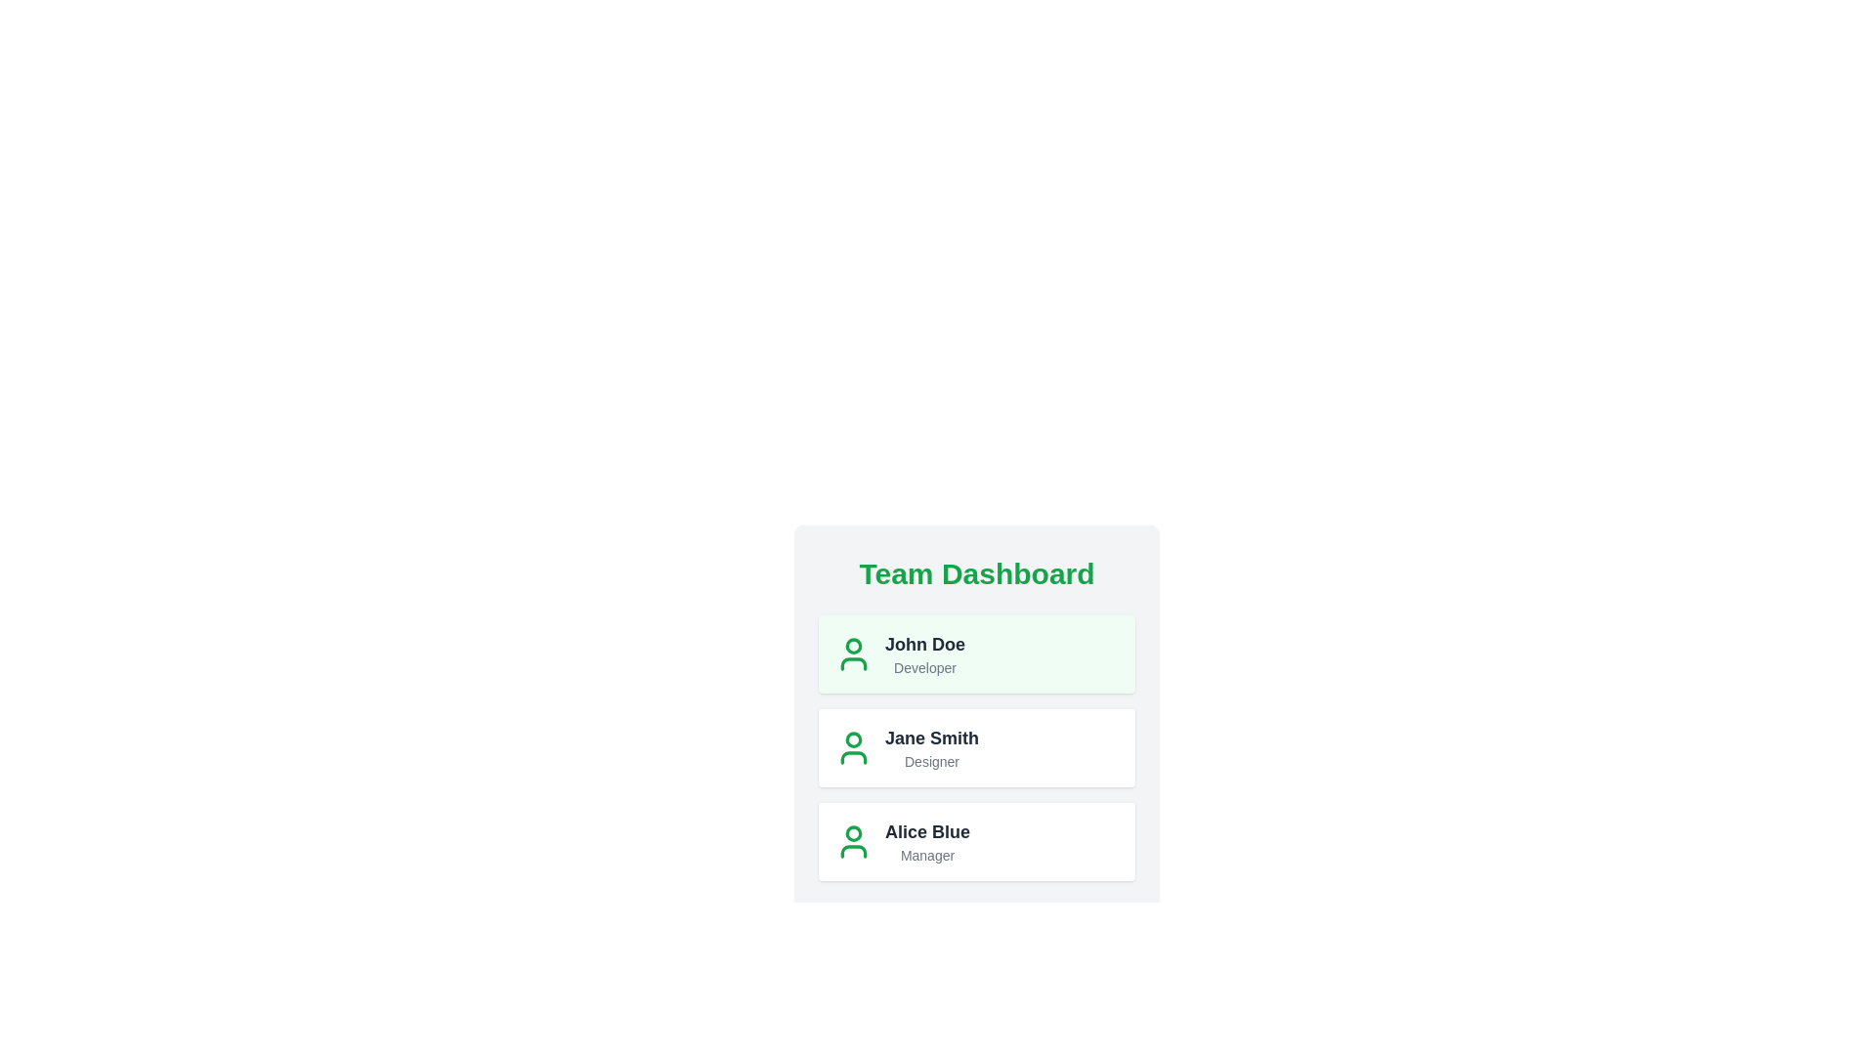 The height and width of the screenshot is (1055, 1876). What do you see at coordinates (931, 747) in the screenshot?
I see `the Text Label displaying the name and role of the second user in the 'Team Dashboard' list, located between 'John Doe - Developer' and 'Alice Blue - Manager'` at bounding box center [931, 747].